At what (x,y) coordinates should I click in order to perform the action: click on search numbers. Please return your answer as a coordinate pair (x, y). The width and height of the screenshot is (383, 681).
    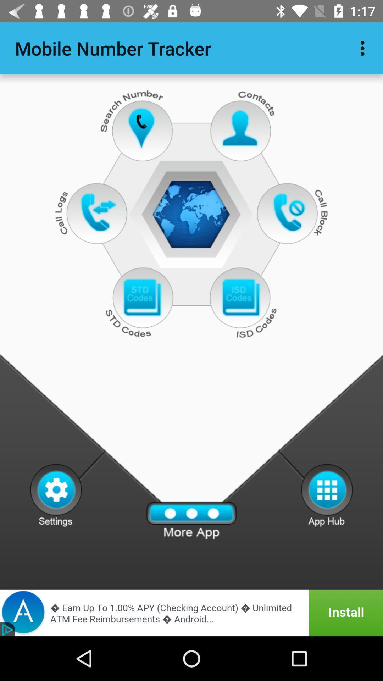
    Looking at the image, I should click on (142, 128).